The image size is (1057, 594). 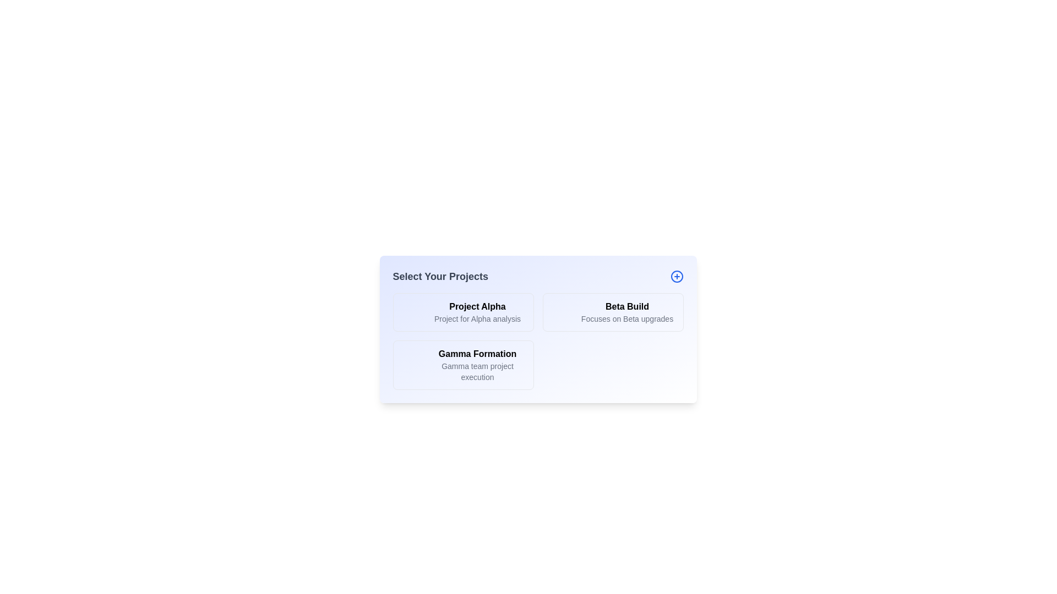 What do you see at coordinates (463, 312) in the screenshot?
I see `the interactive card labeled 'Project Alpha'` at bounding box center [463, 312].